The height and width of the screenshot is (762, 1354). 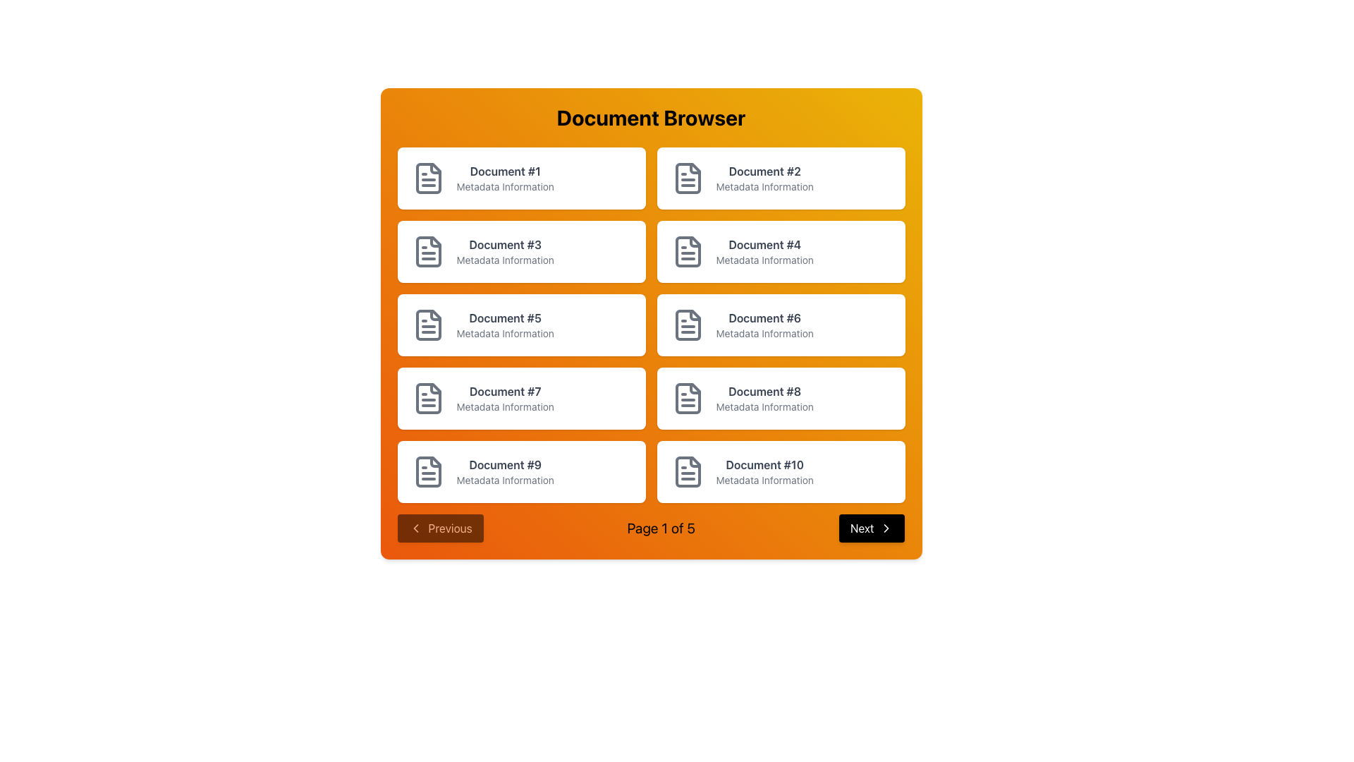 I want to click on the text of the Text Display Section that serves as a title and description for 'Document #1', positioned in the top-left of the grid layout under 'Document Browser', so click(x=505, y=178).